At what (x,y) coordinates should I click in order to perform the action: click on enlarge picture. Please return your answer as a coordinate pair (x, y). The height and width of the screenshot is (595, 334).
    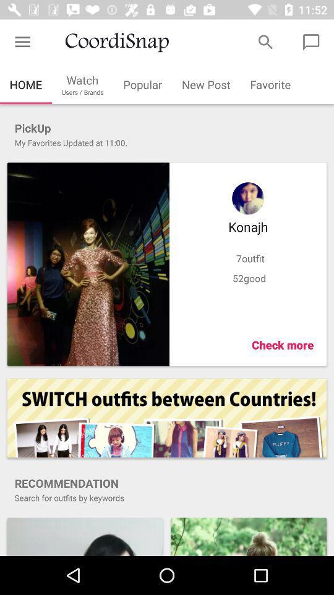
    Looking at the image, I should click on (249, 535).